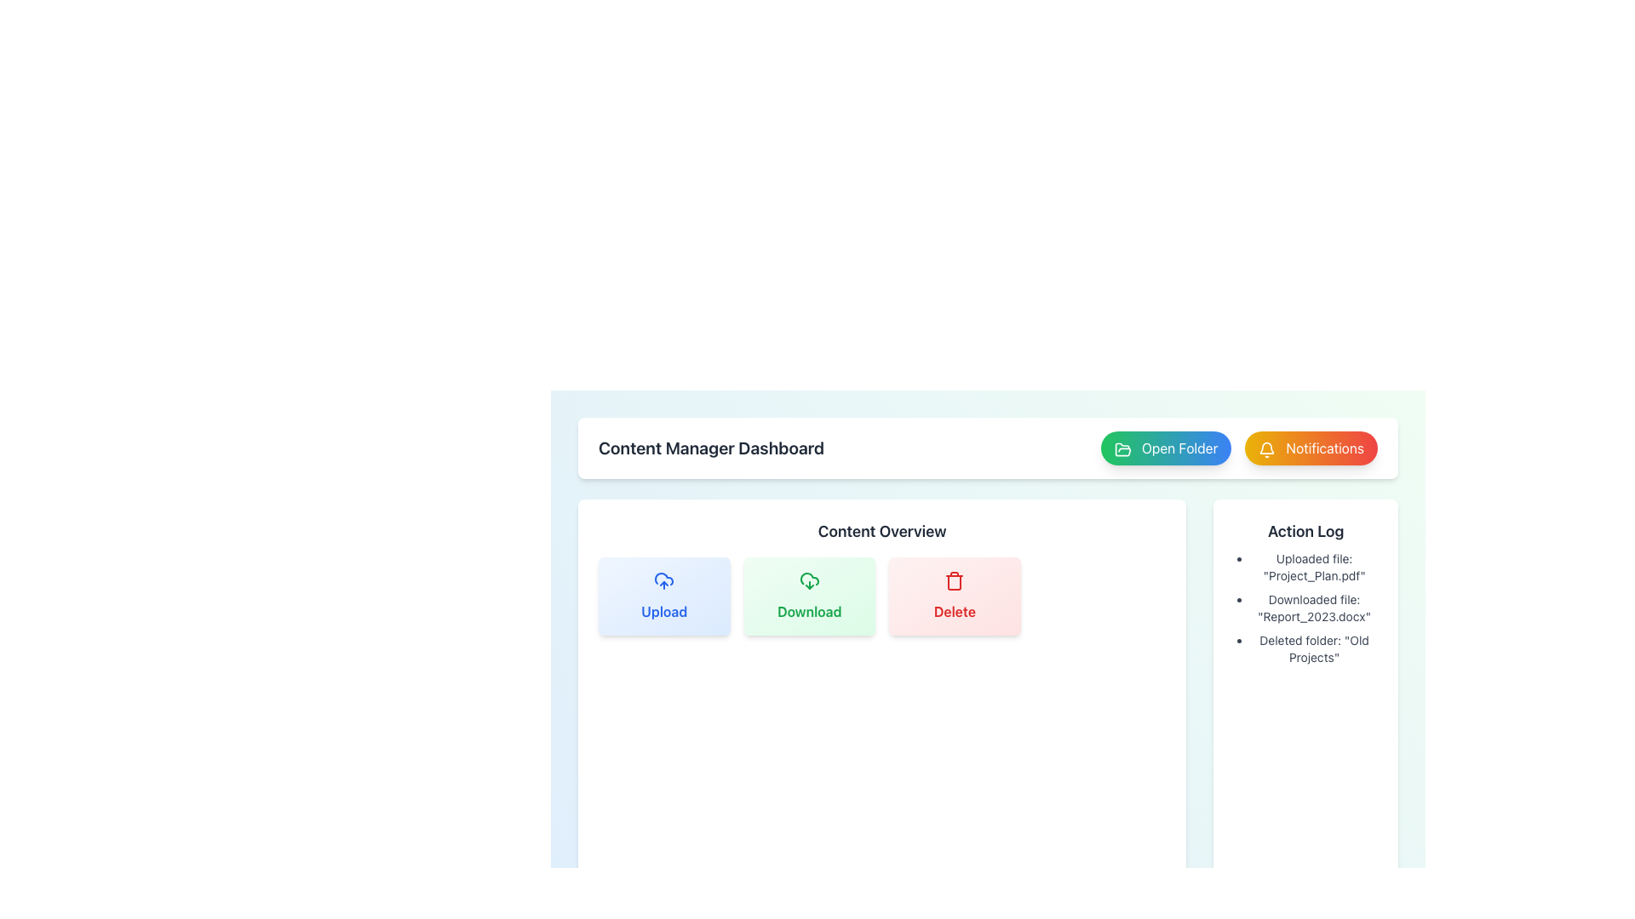 This screenshot has width=1635, height=919. What do you see at coordinates (1165, 448) in the screenshot?
I see `the rounded button labeled 'Open Folder' that features a gradient from green to blue and contains a white folder icon, located in the upper-right part of the interface` at bounding box center [1165, 448].